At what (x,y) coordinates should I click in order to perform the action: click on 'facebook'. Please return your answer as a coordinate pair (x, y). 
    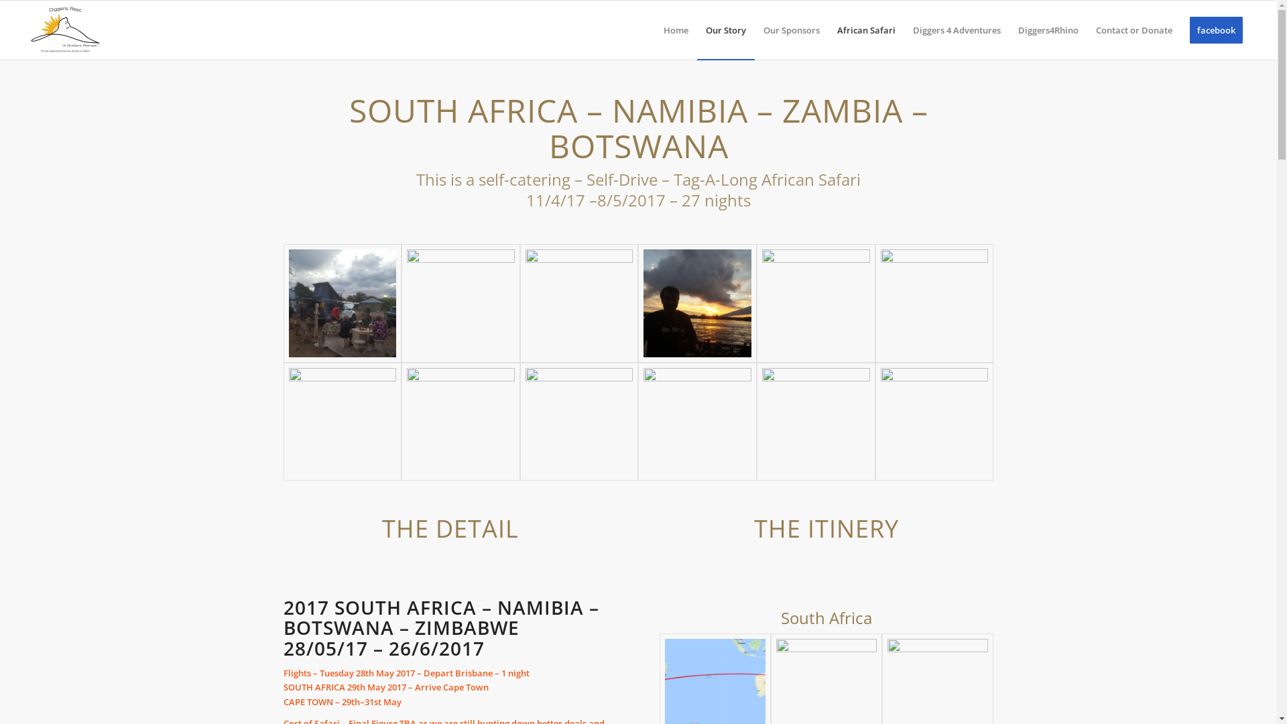
    Looking at the image, I should click on (1180, 30).